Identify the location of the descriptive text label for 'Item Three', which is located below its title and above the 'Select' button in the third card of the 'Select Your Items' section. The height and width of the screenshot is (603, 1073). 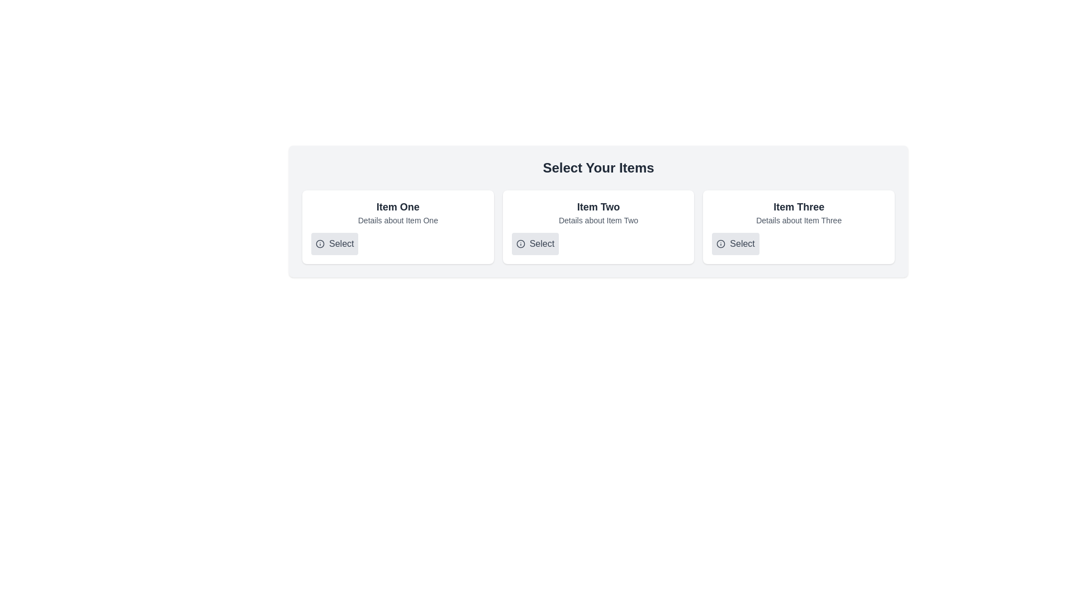
(798, 220).